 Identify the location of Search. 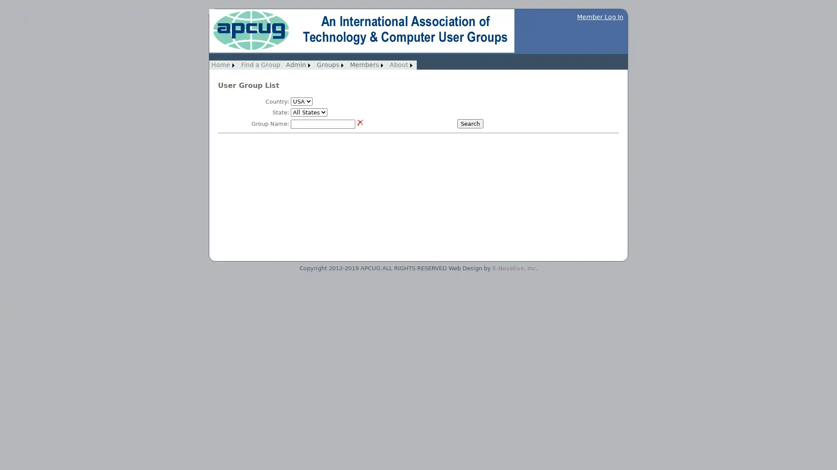
(470, 124).